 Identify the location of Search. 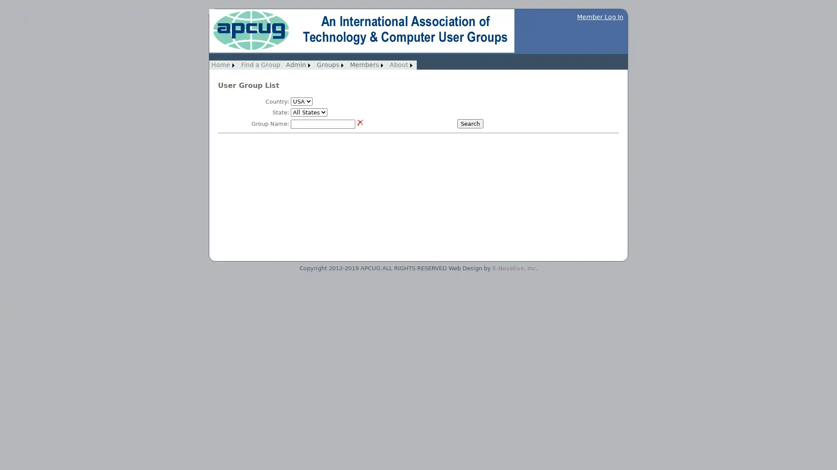
(470, 124).